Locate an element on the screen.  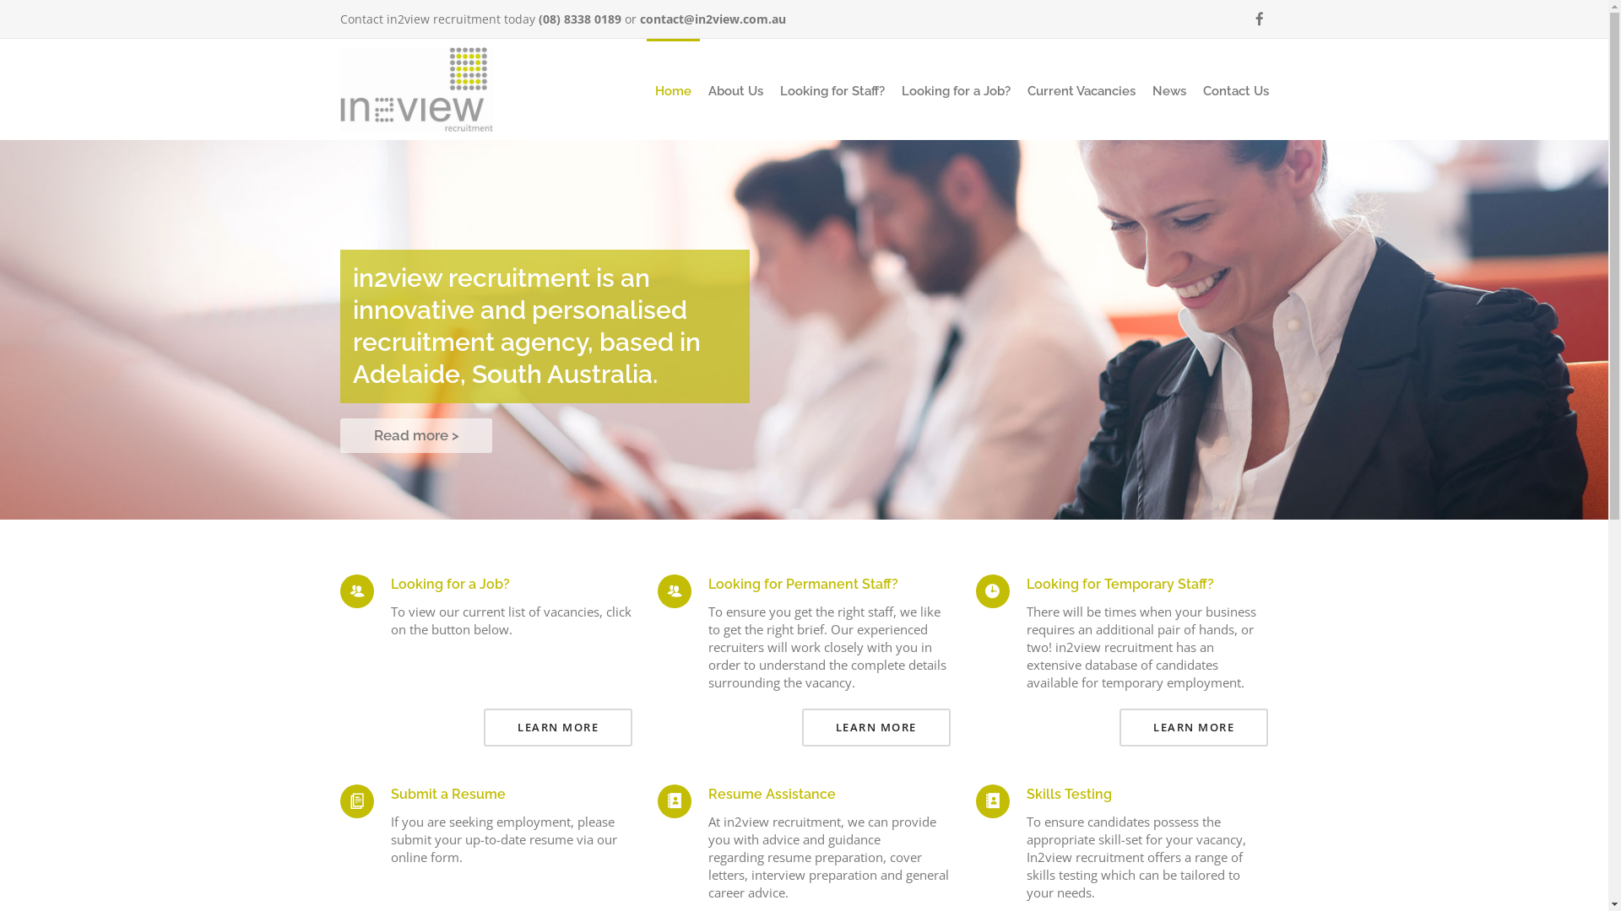
'Contact Us' is located at coordinates (1235, 91).